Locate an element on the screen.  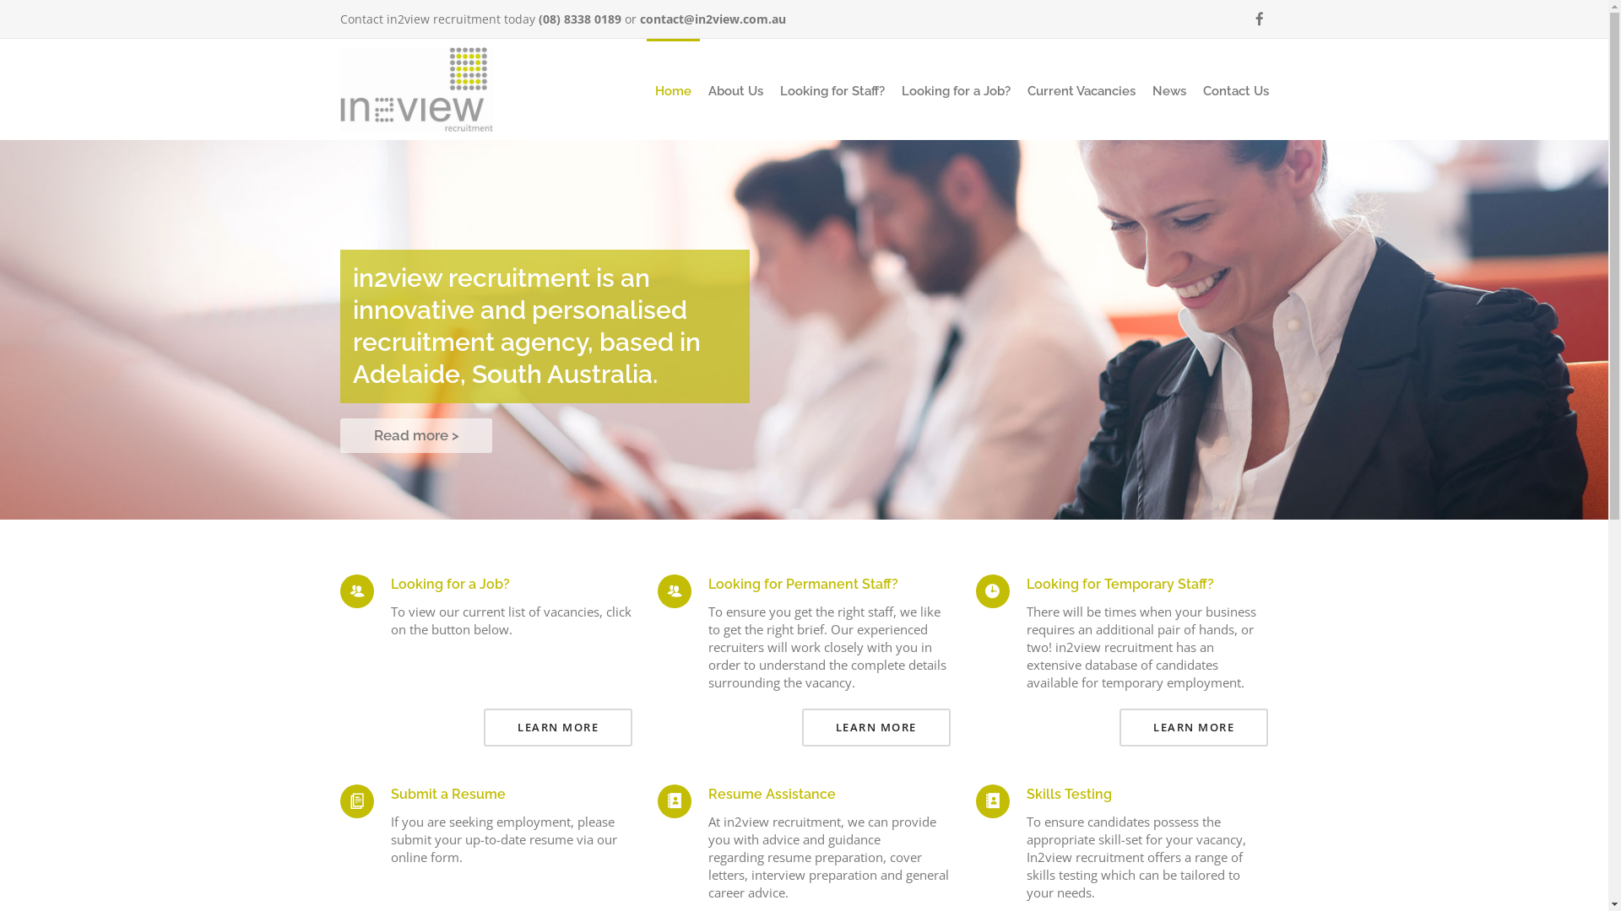
'Contact Us' is located at coordinates (1235, 91).